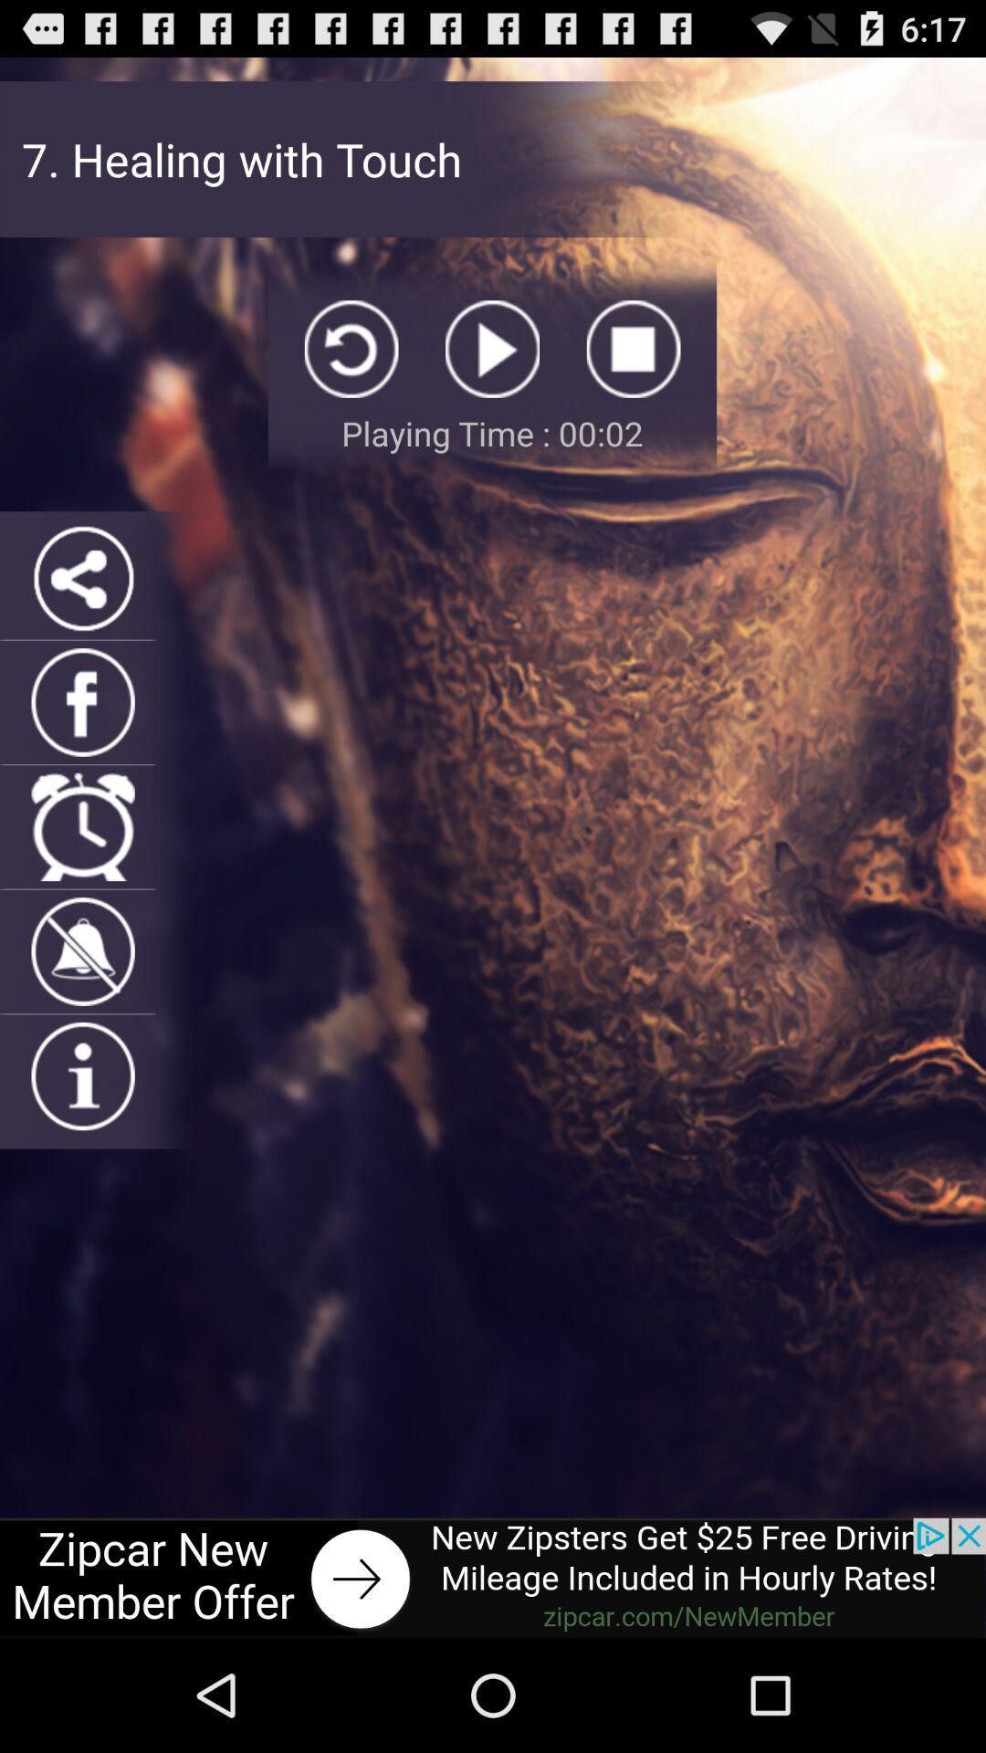 The height and width of the screenshot is (1753, 986). I want to click on share the article, so click(83, 577).